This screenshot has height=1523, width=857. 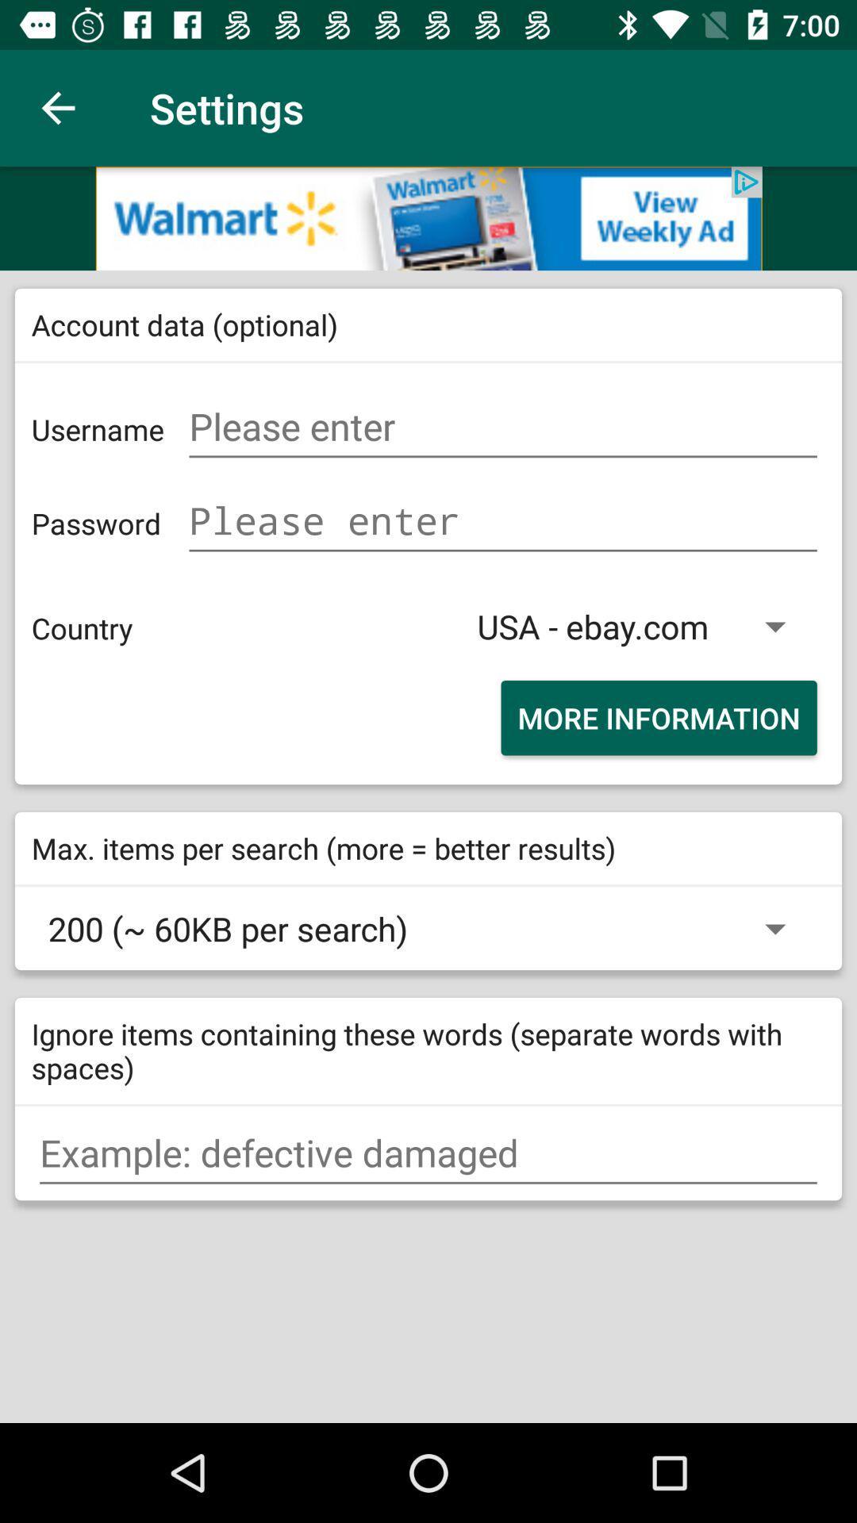 I want to click on open keyboard to enter password, so click(x=503, y=521).